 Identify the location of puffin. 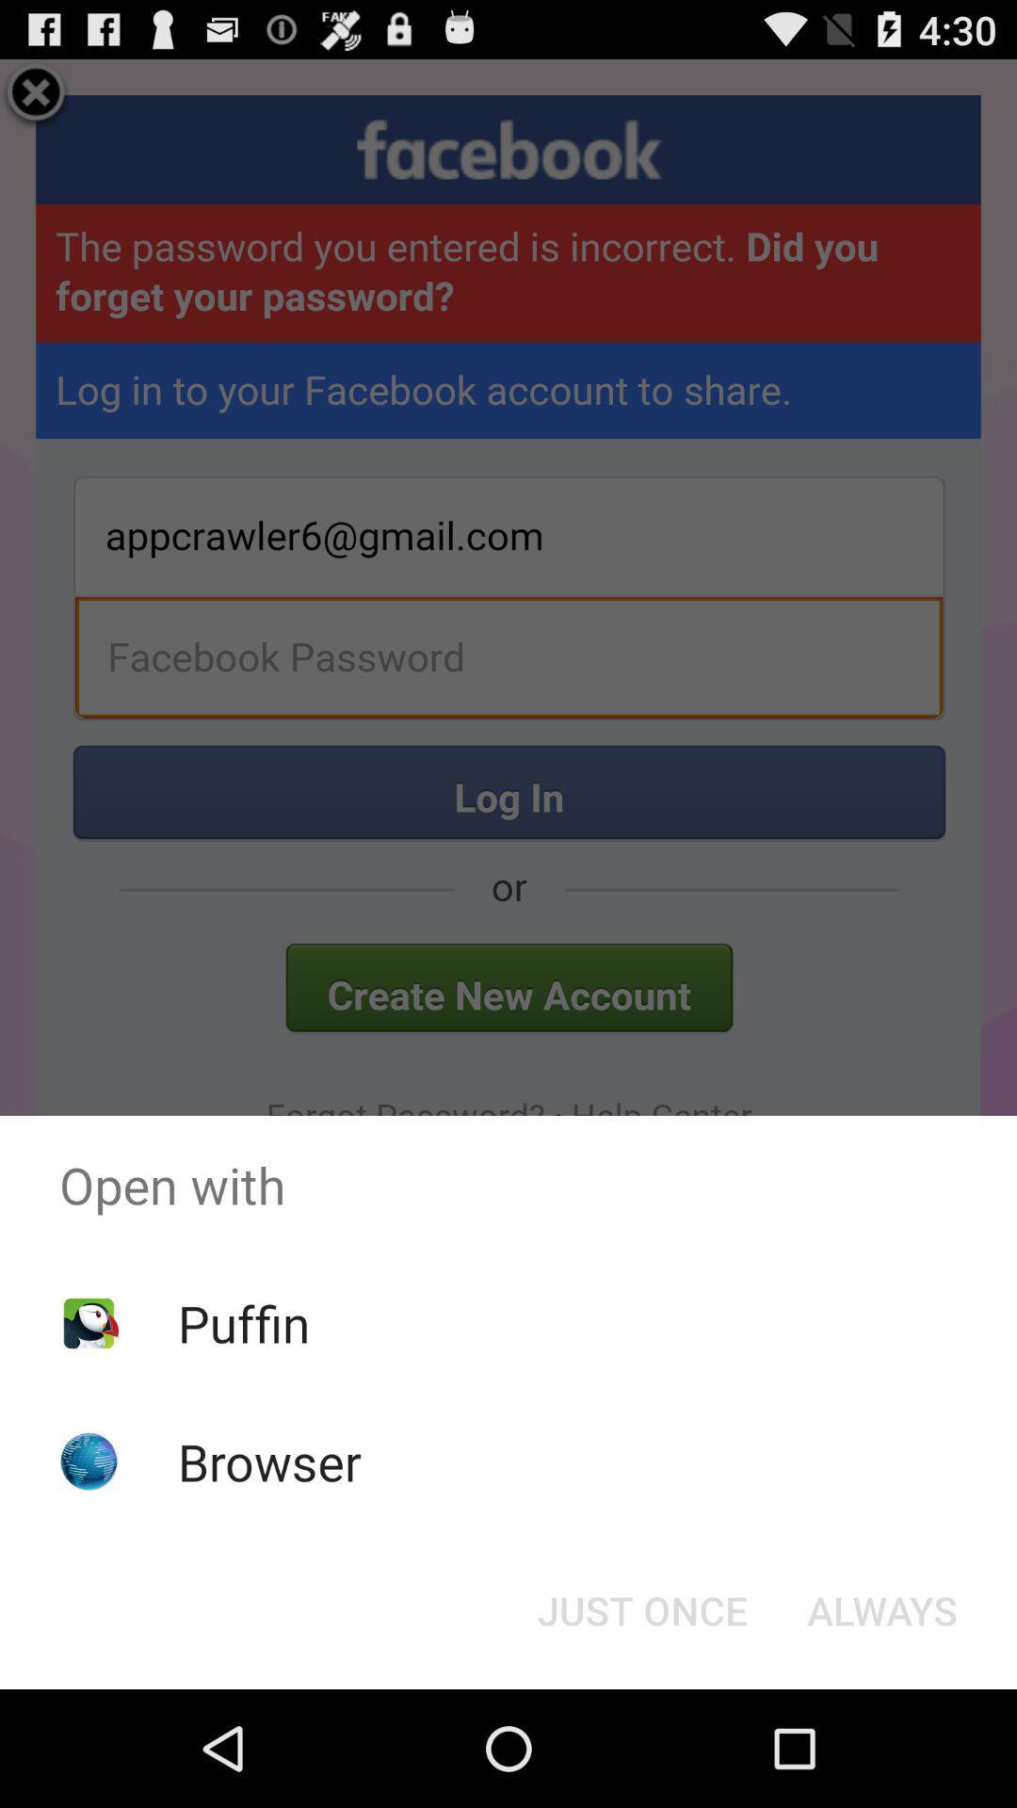
(243, 1322).